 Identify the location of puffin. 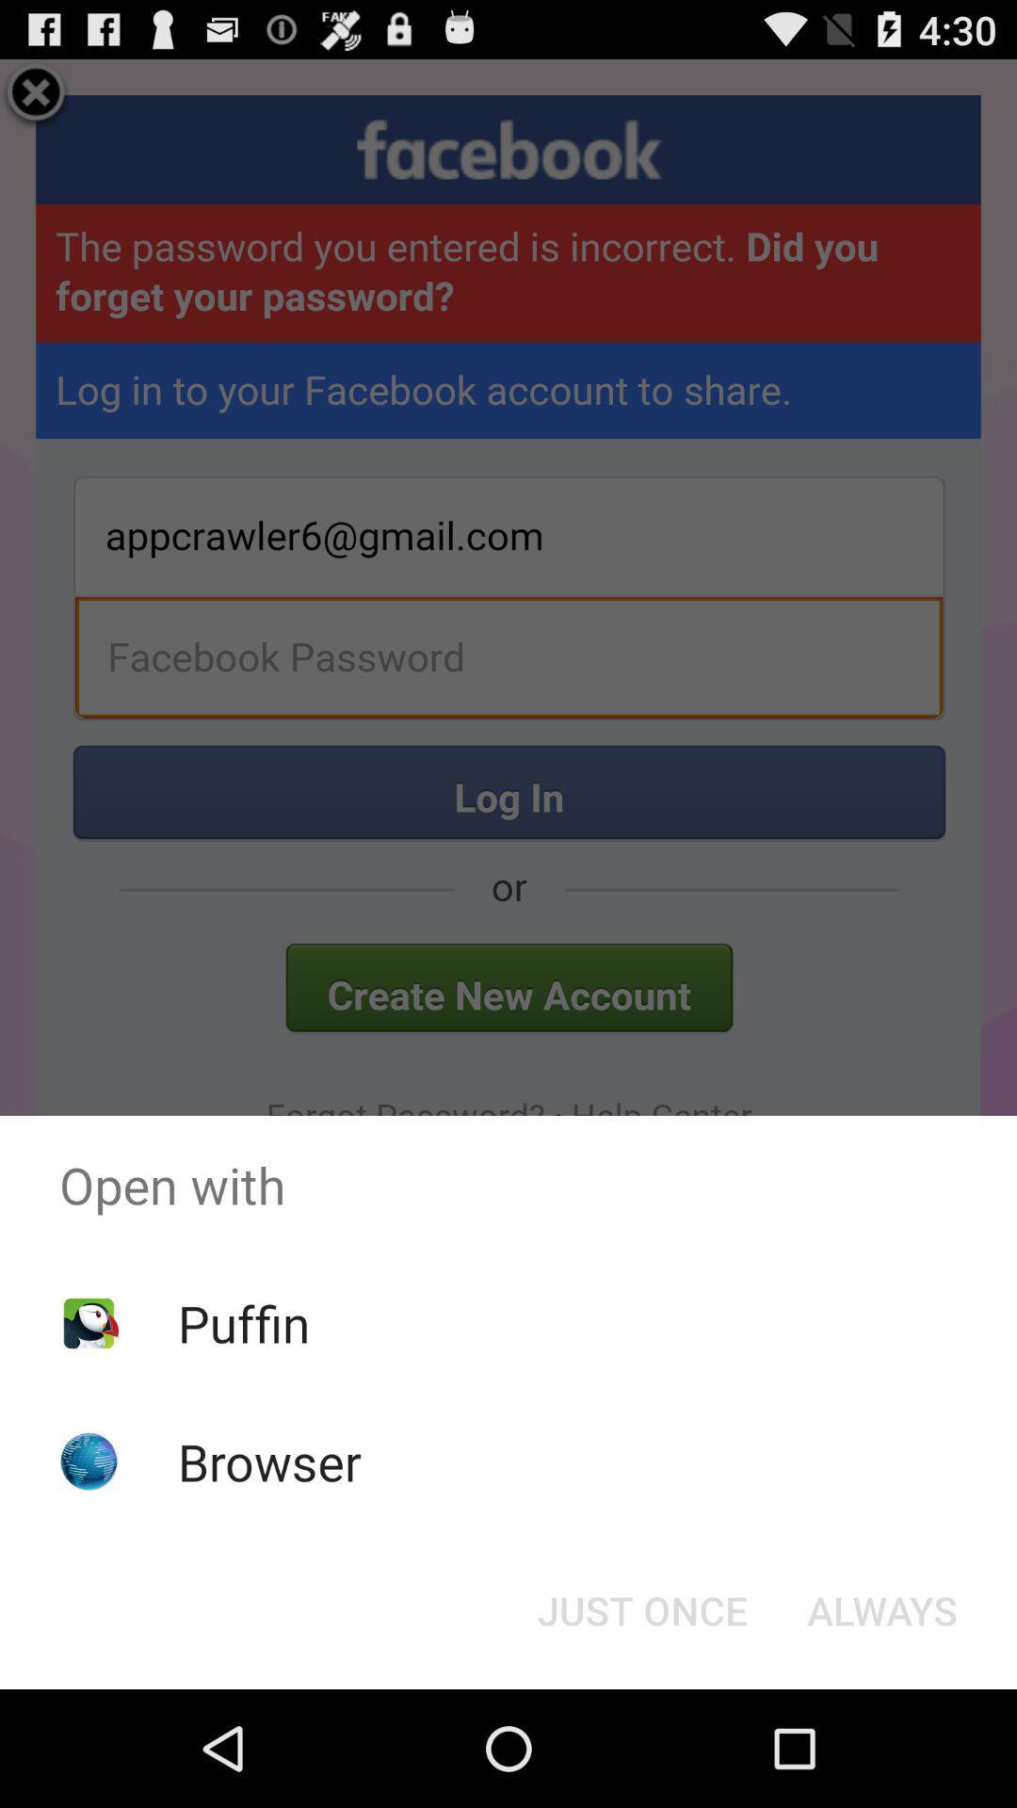
(243, 1322).